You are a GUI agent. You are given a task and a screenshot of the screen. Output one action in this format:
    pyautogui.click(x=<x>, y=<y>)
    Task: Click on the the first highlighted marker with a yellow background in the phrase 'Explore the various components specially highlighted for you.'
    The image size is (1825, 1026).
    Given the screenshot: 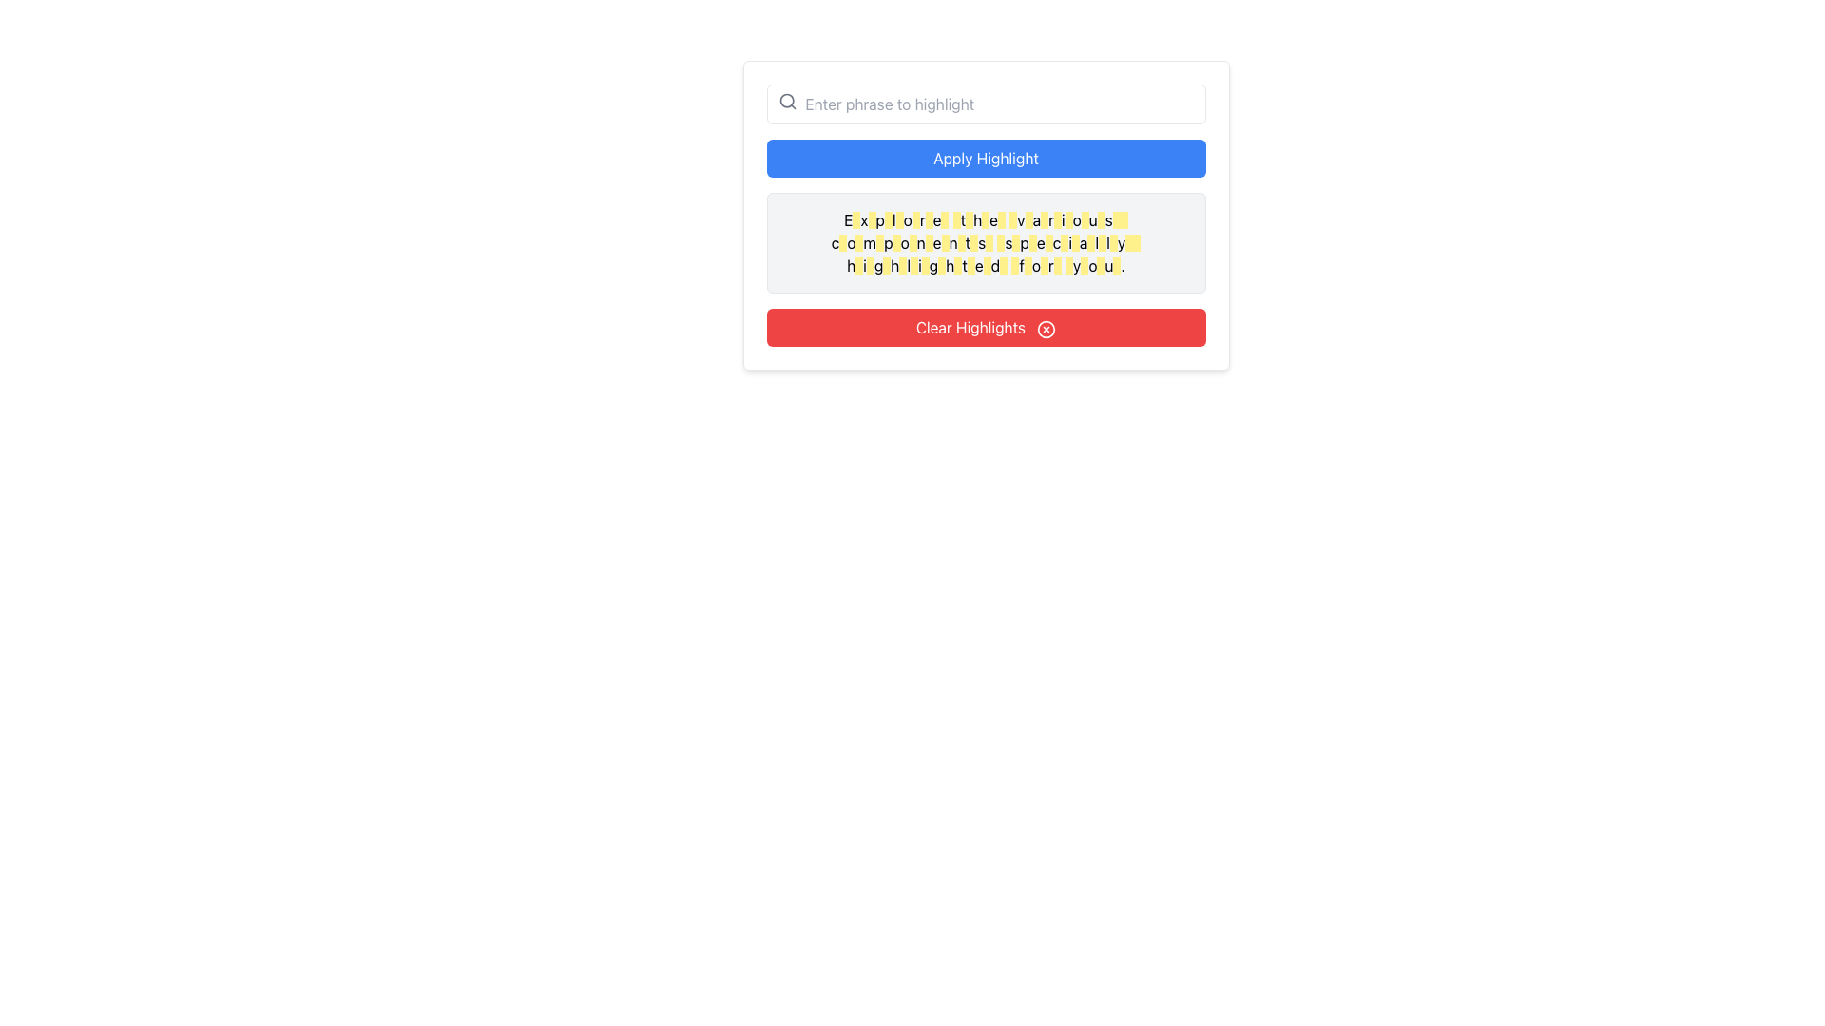 What is the action you would take?
    pyautogui.click(x=855, y=218)
    